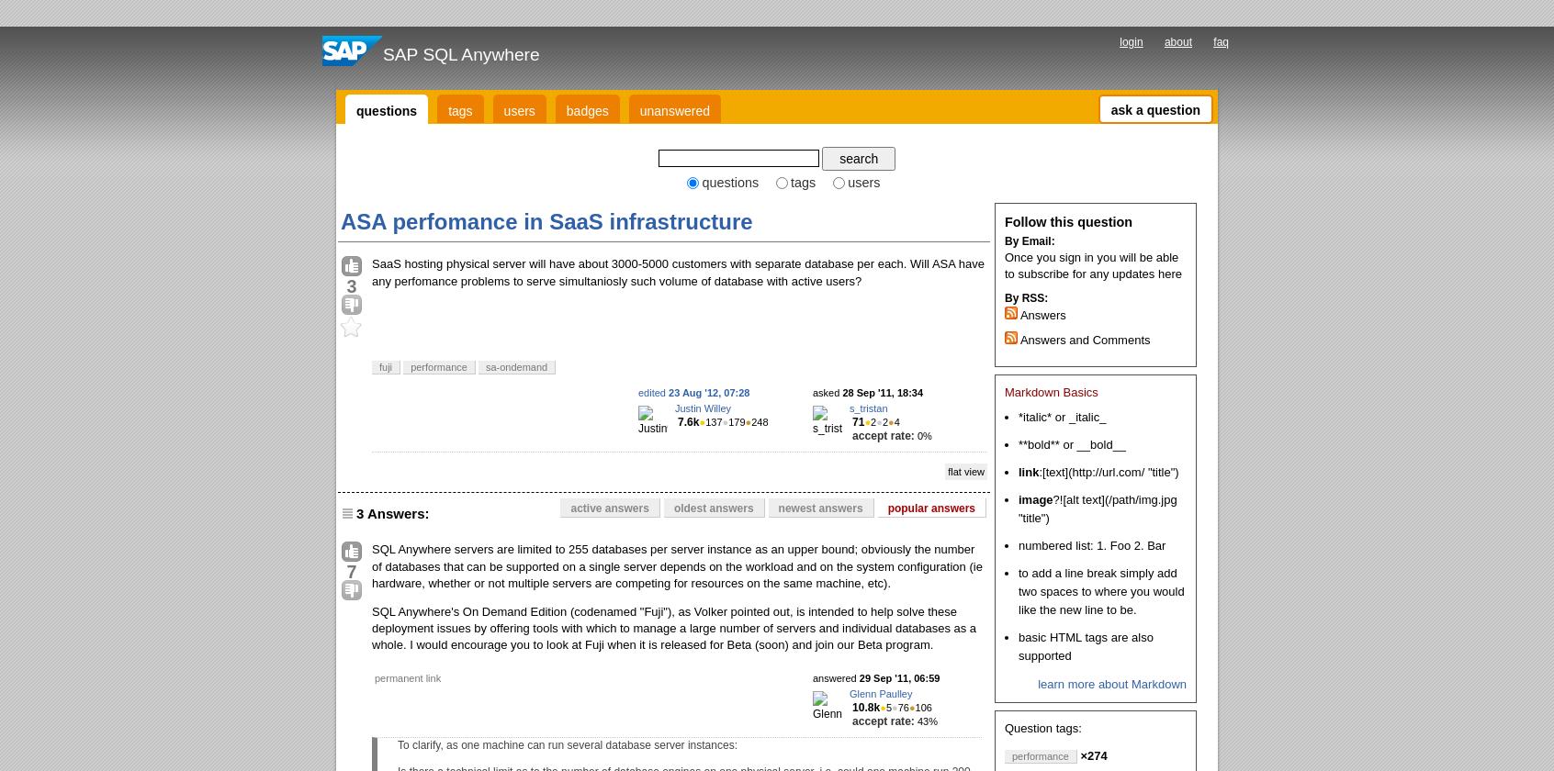 This screenshot has width=1554, height=771. Describe the element at coordinates (566, 744) in the screenshot. I see `'To clarify, as one machine can run several database server instances:'` at that location.